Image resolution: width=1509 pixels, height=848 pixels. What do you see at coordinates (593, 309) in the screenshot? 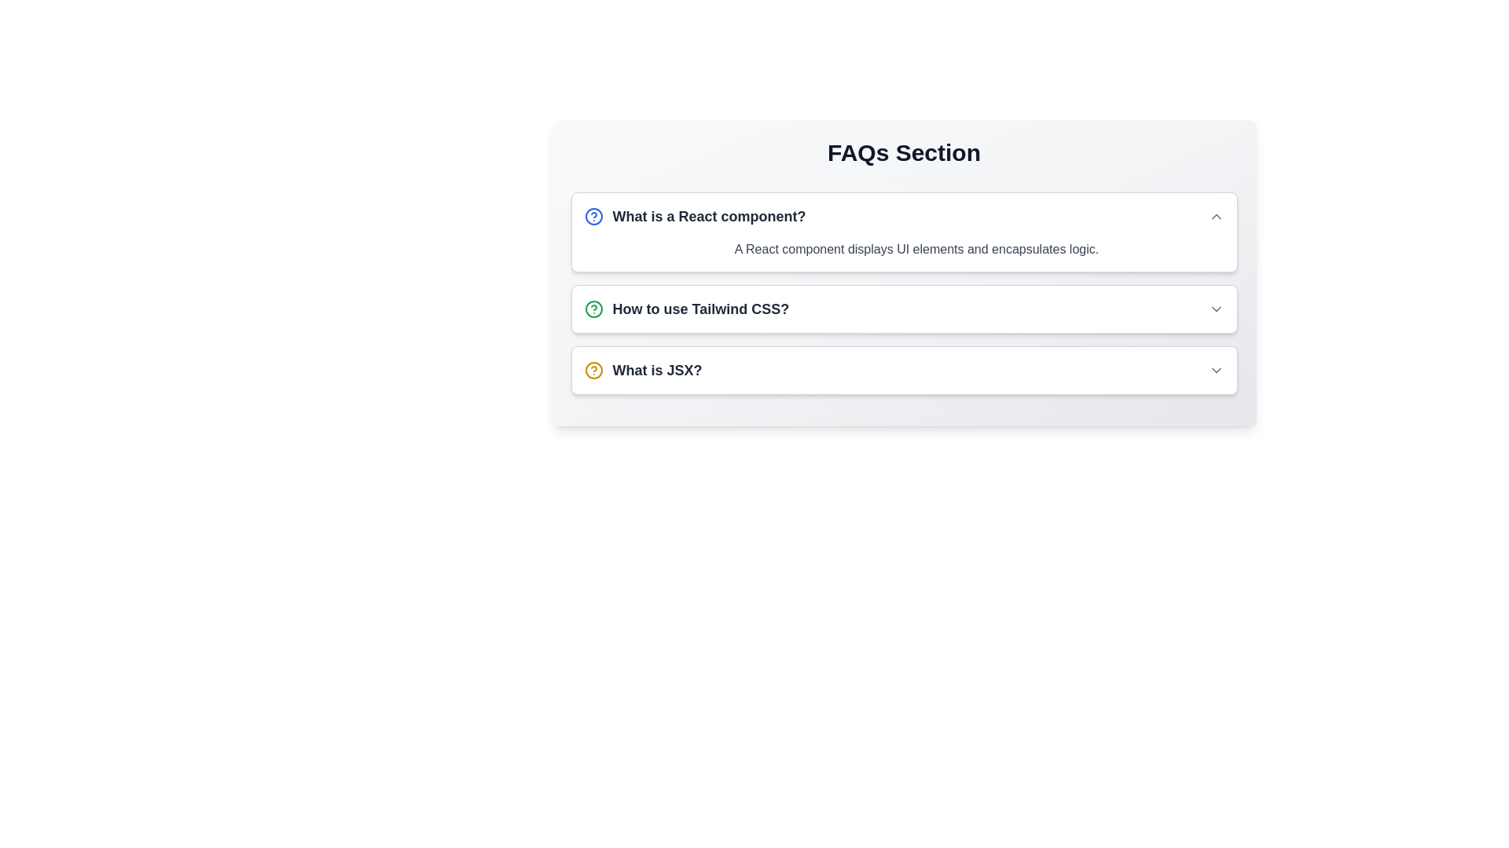
I see `the circular icon with a green border and question mark, located to the left of the text 'How to use Tailwind CSS?', for additional interaction` at bounding box center [593, 309].